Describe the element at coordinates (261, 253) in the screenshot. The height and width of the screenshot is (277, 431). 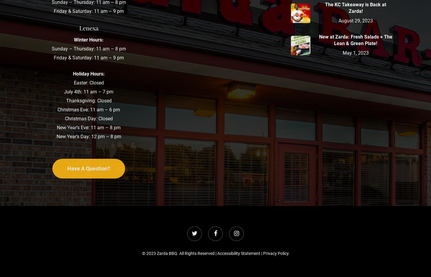
I see `'|'` at that location.